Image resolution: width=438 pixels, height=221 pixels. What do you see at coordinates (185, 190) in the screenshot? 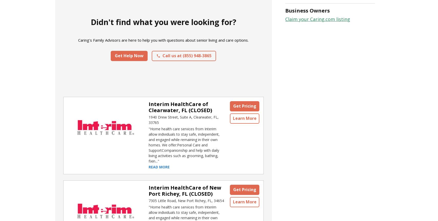
I see `'Interim HealthCare of New Port Richey, FL (CLOSED)'` at bounding box center [185, 190].